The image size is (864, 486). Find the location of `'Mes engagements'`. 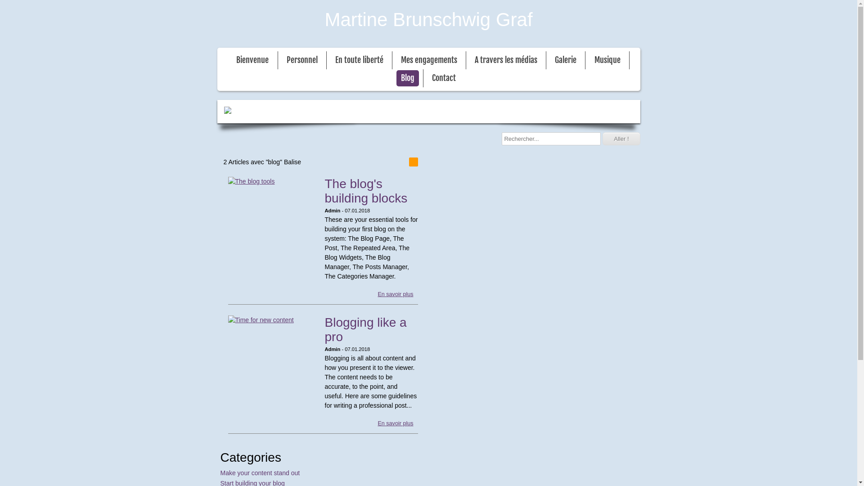

'Mes engagements' is located at coordinates (396, 60).